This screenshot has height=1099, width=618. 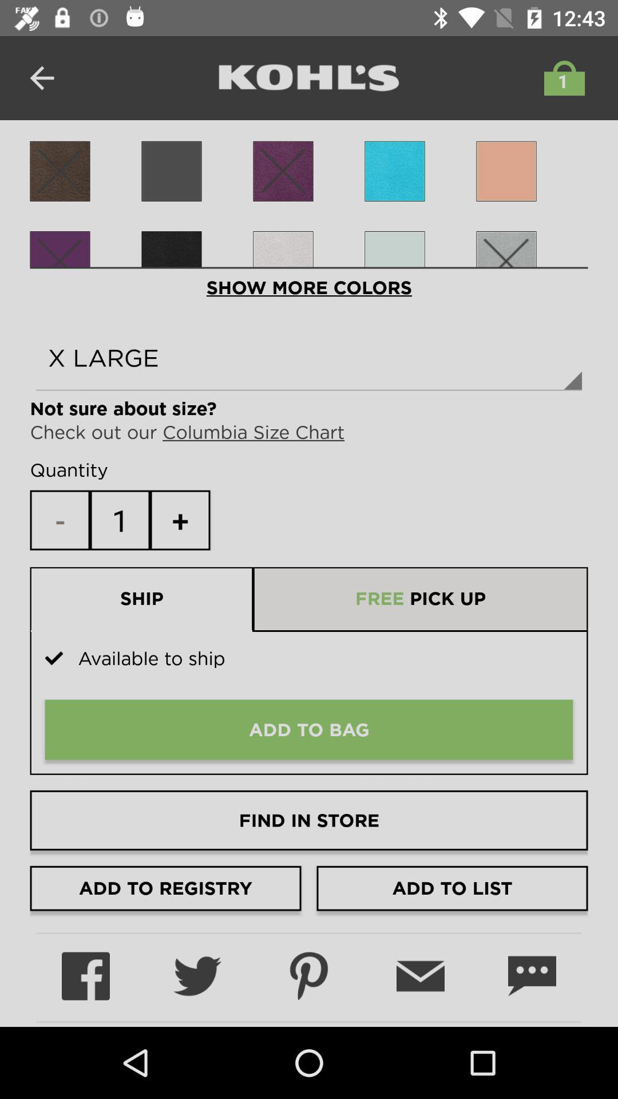 I want to click on the chat icon, so click(x=532, y=975).